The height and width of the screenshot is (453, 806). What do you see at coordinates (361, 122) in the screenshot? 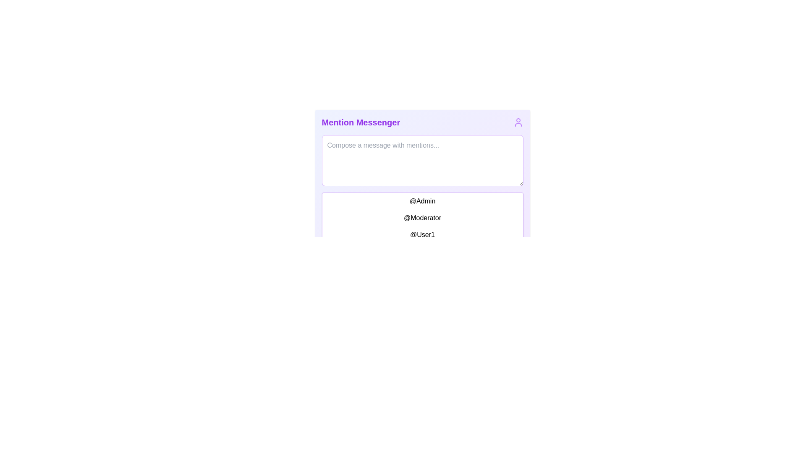
I see `the title text display element at the top of the messaging application, which provides context about the application's identity` at bounding box center [361, 122].